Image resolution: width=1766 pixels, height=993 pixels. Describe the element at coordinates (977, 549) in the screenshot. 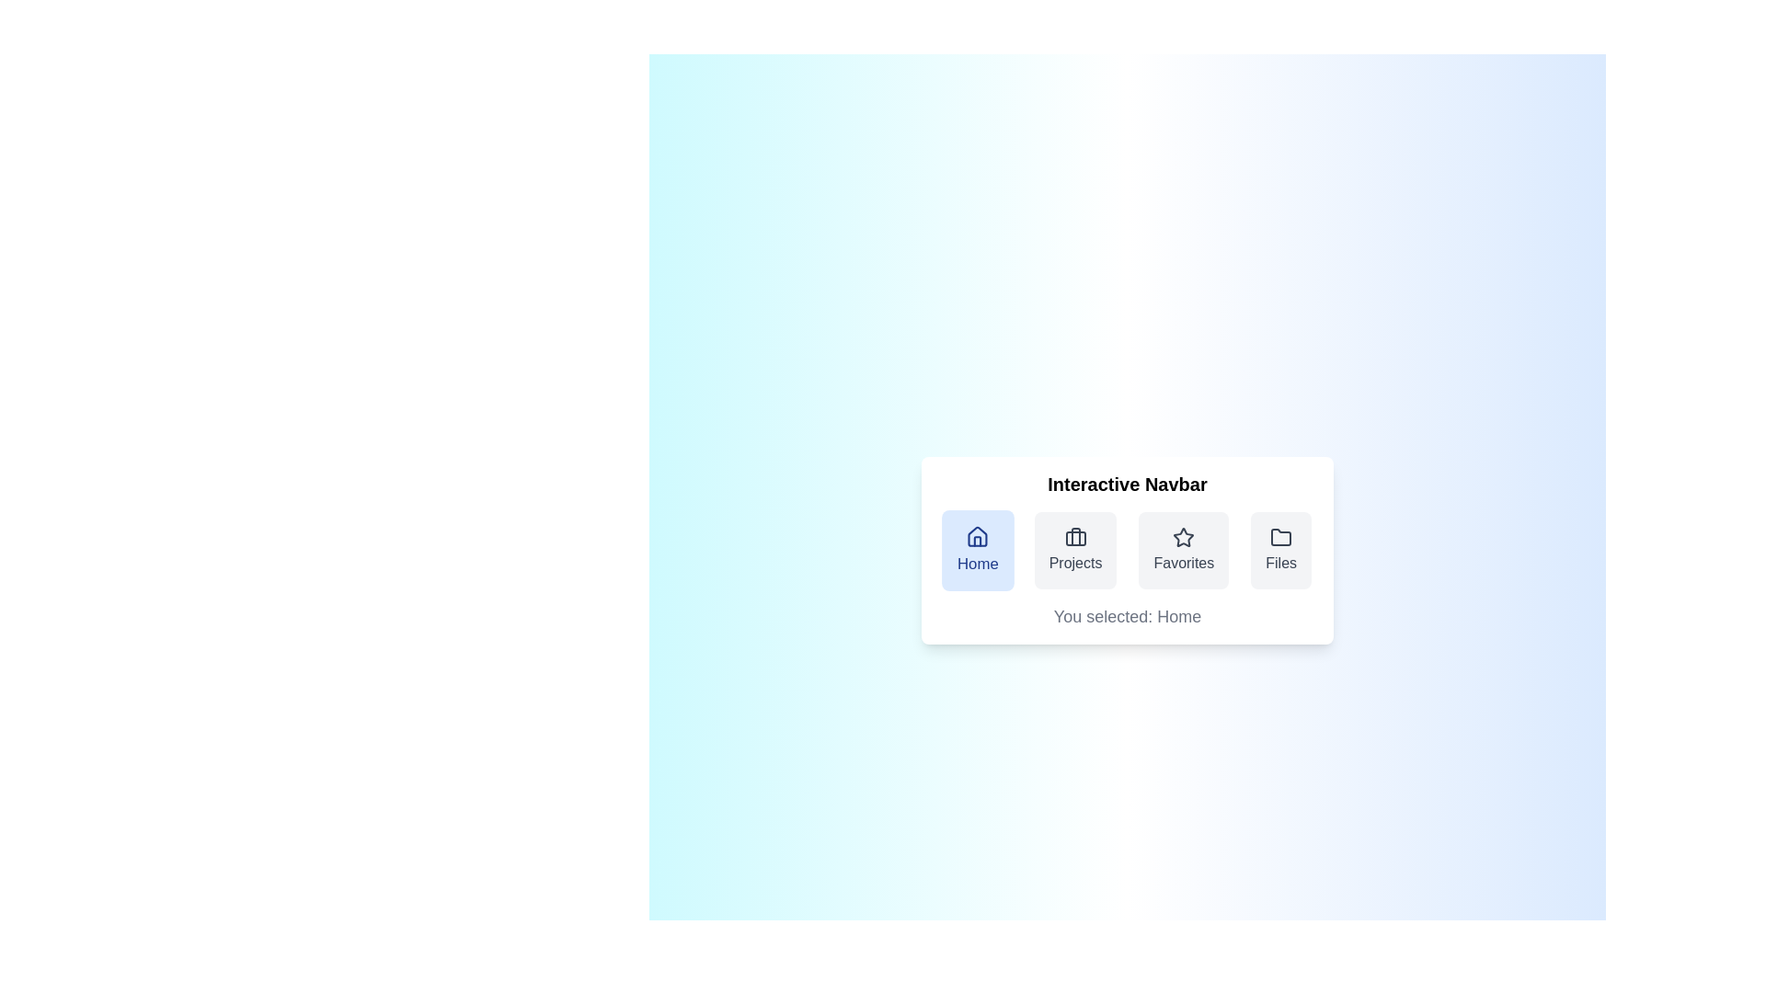

I see `the navigation item Home in the navbar` at that location.